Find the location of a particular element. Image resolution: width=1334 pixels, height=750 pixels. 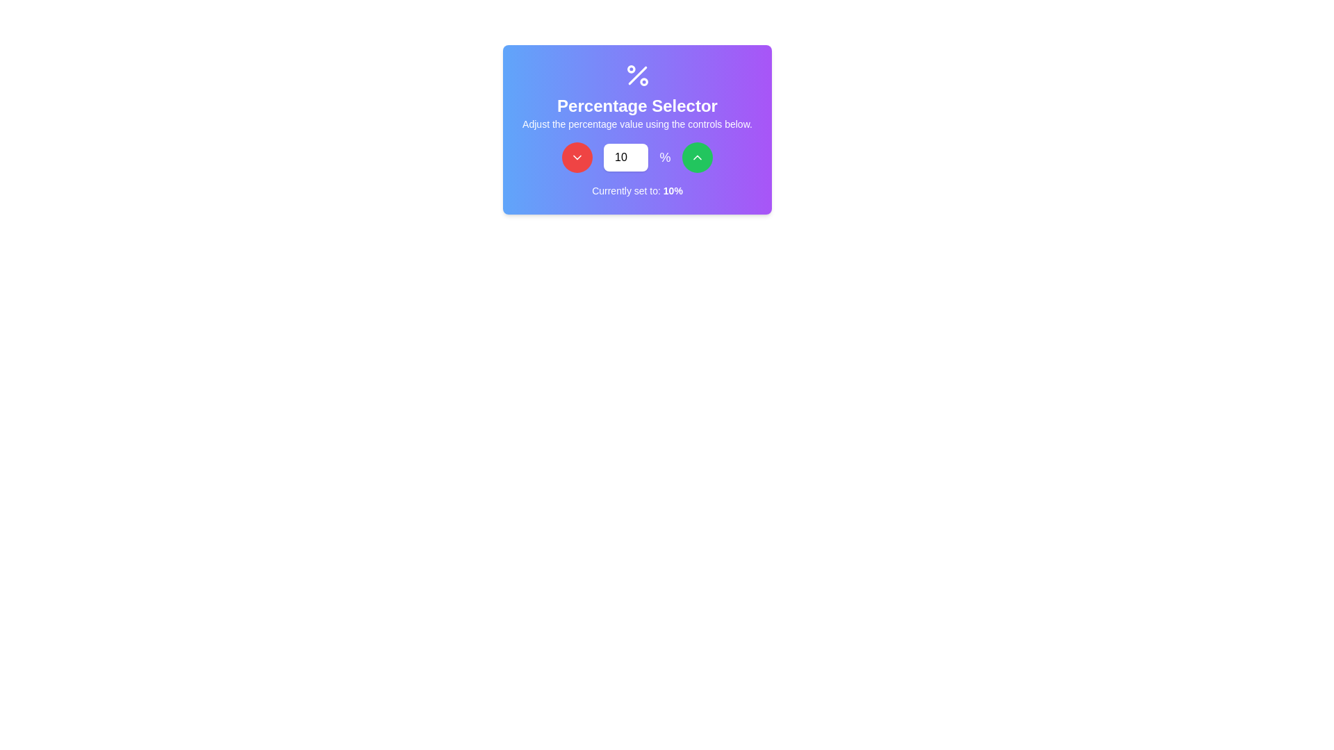

the downward arrow icon within the red circular button to decrement the value is located at coordinates (577, 157).